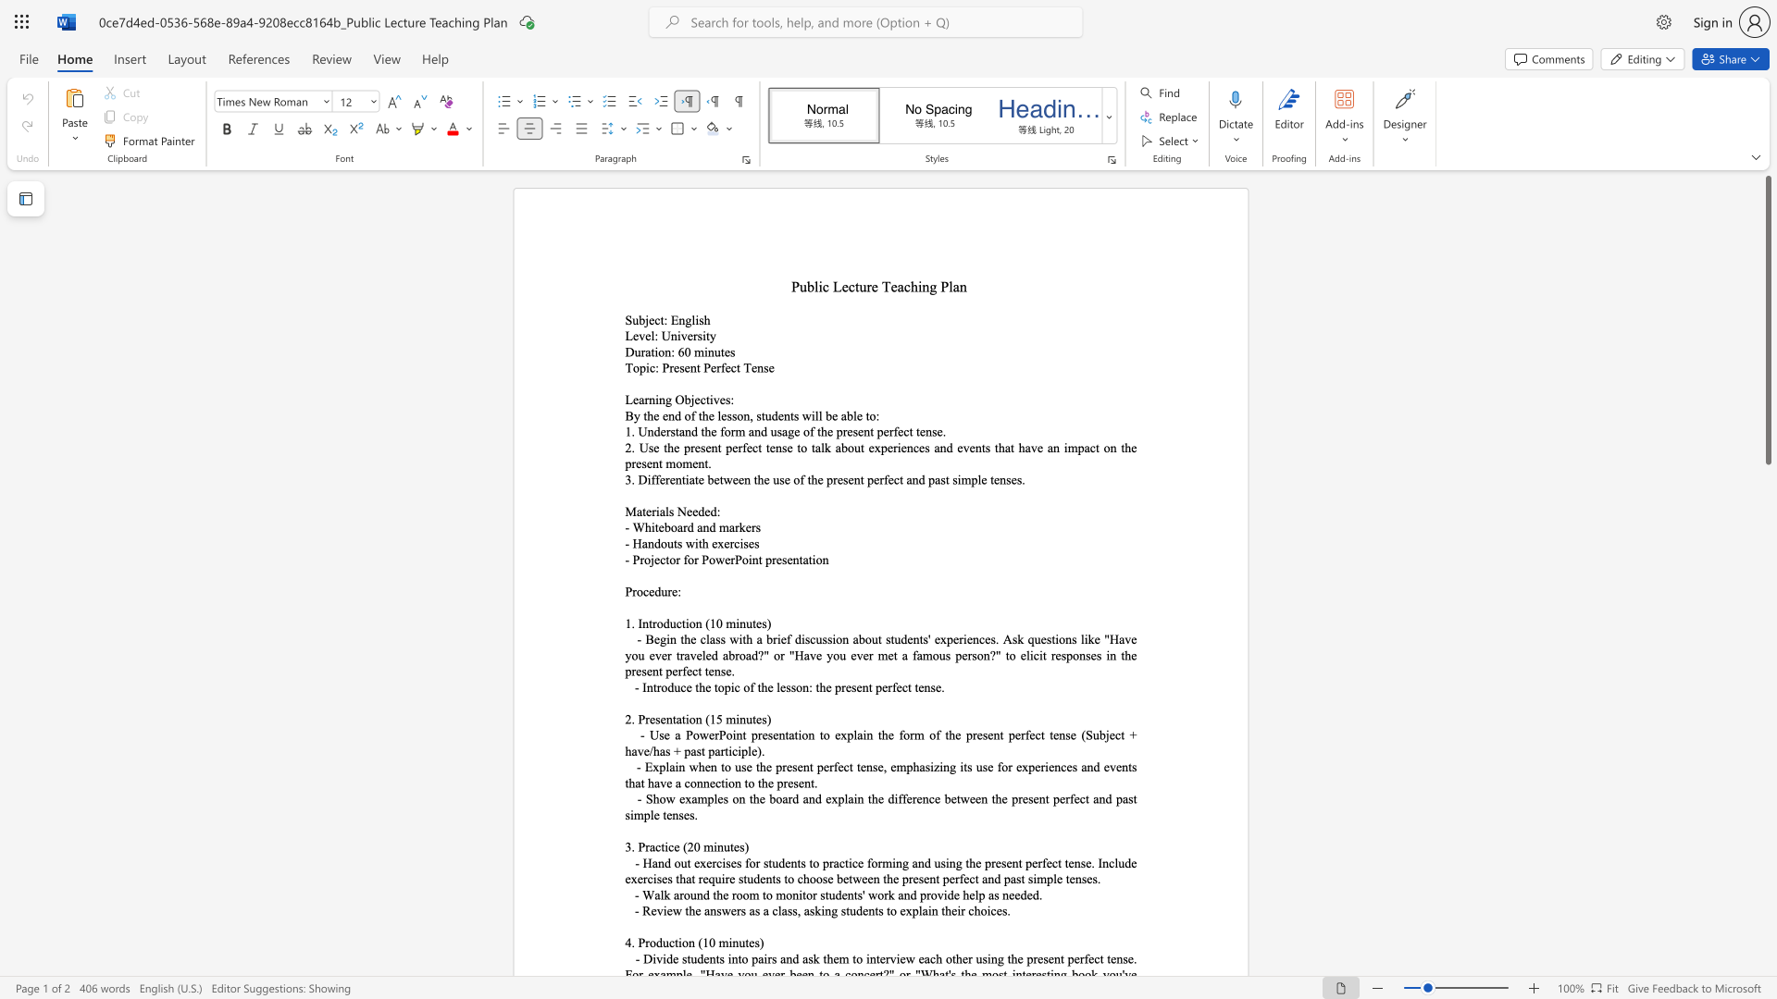 The height and width of the screenshot is (999, 1777). I want to click on the subset text "douts with exer" within the text "- Handouts with exercises", so click(653, 542).